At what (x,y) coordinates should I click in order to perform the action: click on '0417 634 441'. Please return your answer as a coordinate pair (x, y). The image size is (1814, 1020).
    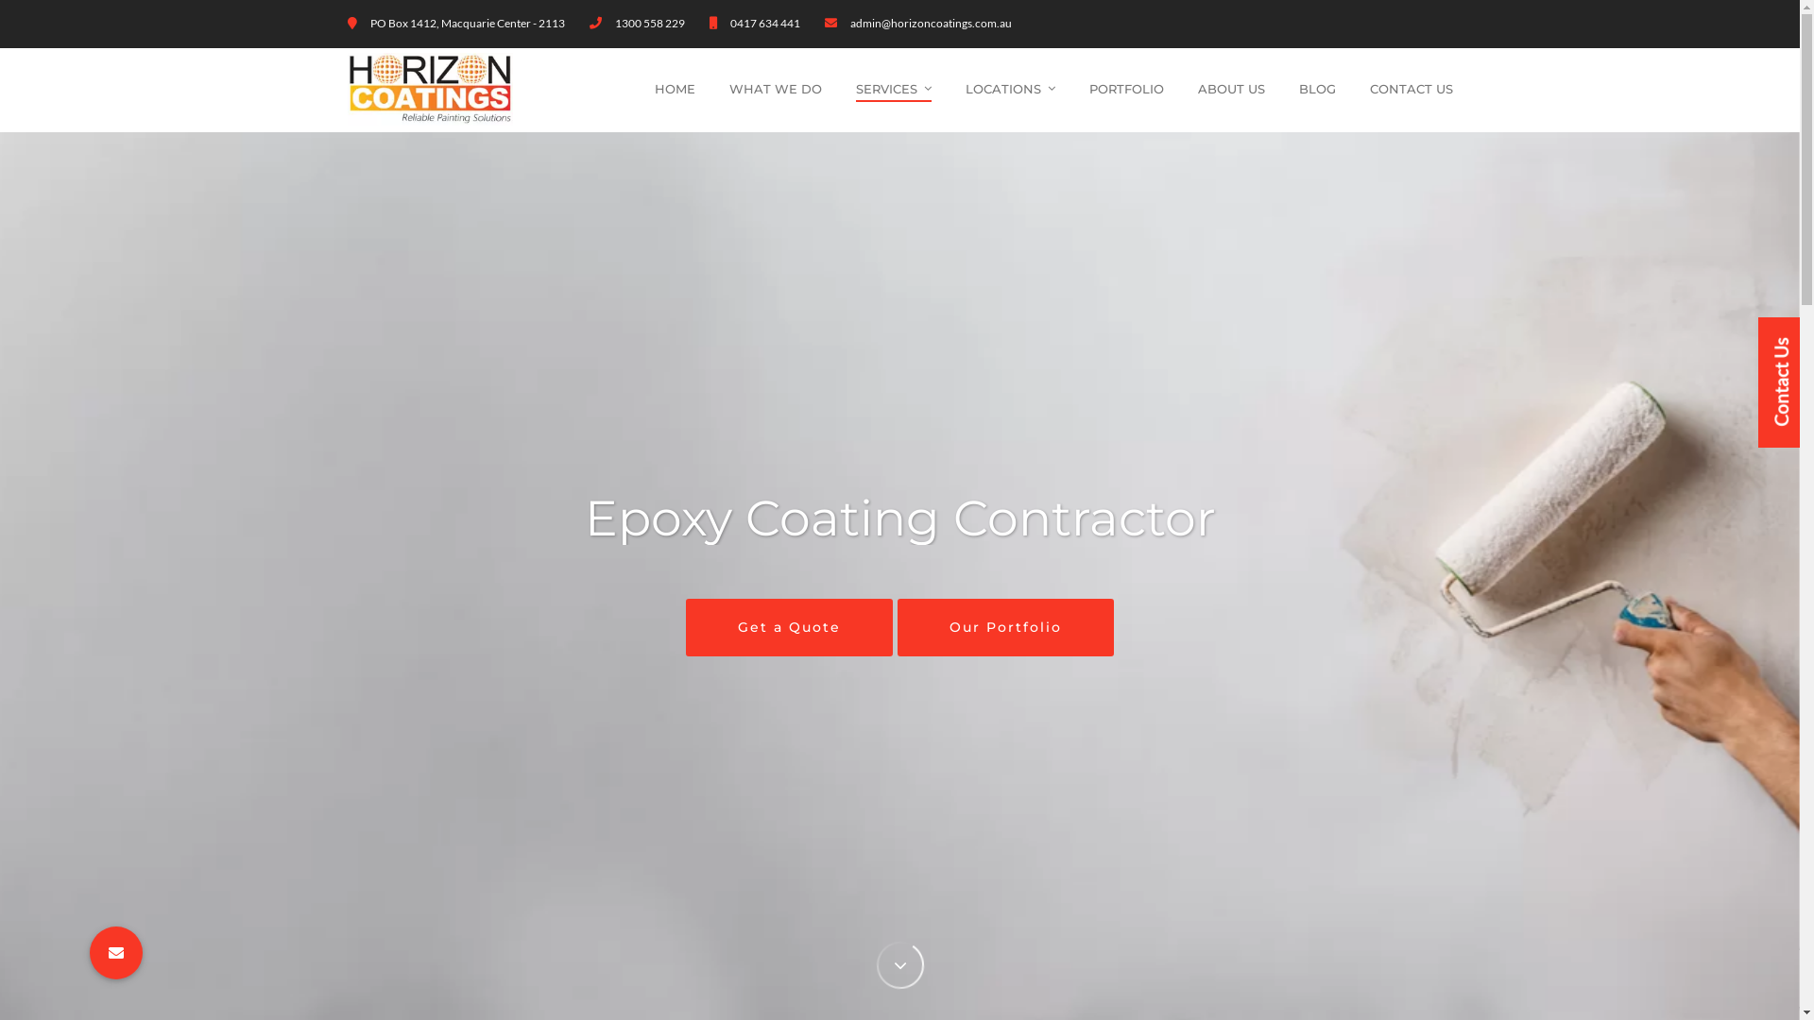
    Looking at the image, I should click on (764, 23).